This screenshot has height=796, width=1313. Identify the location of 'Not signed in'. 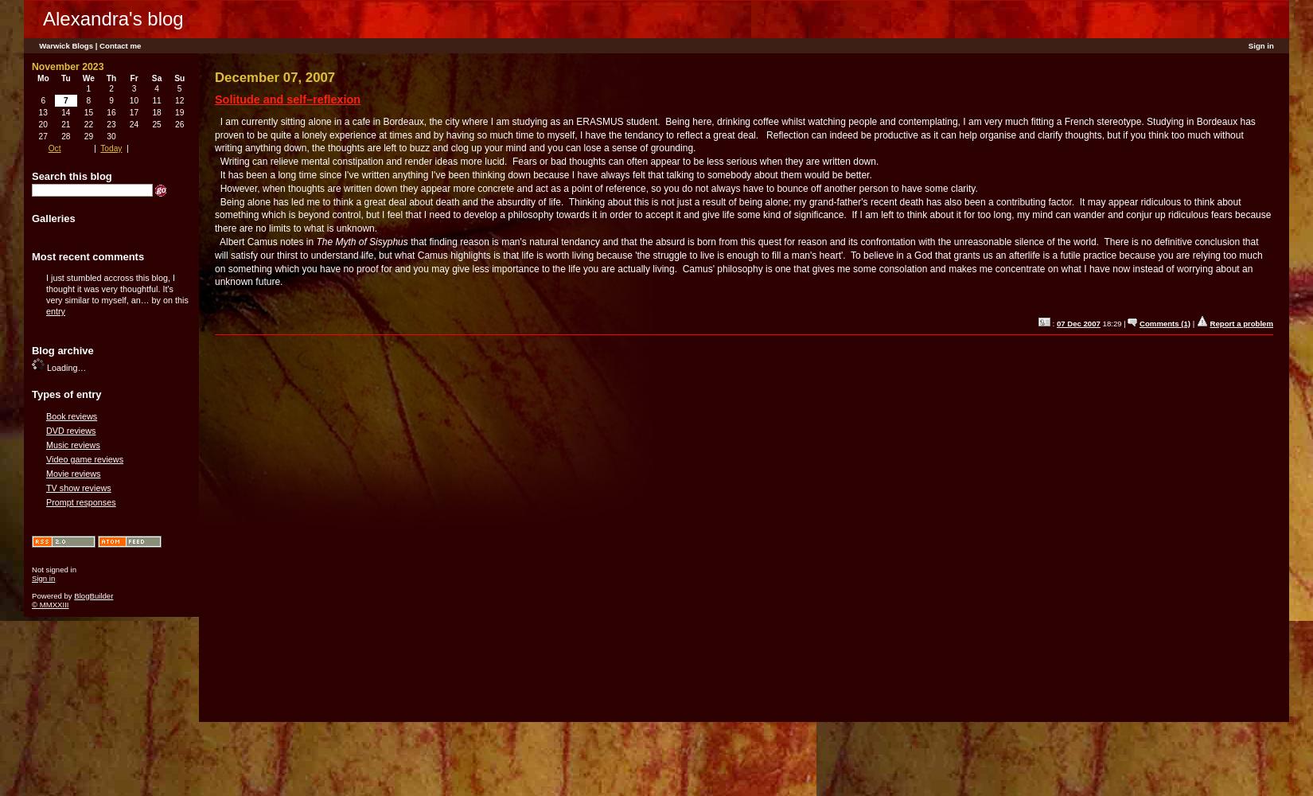
(53, 568).